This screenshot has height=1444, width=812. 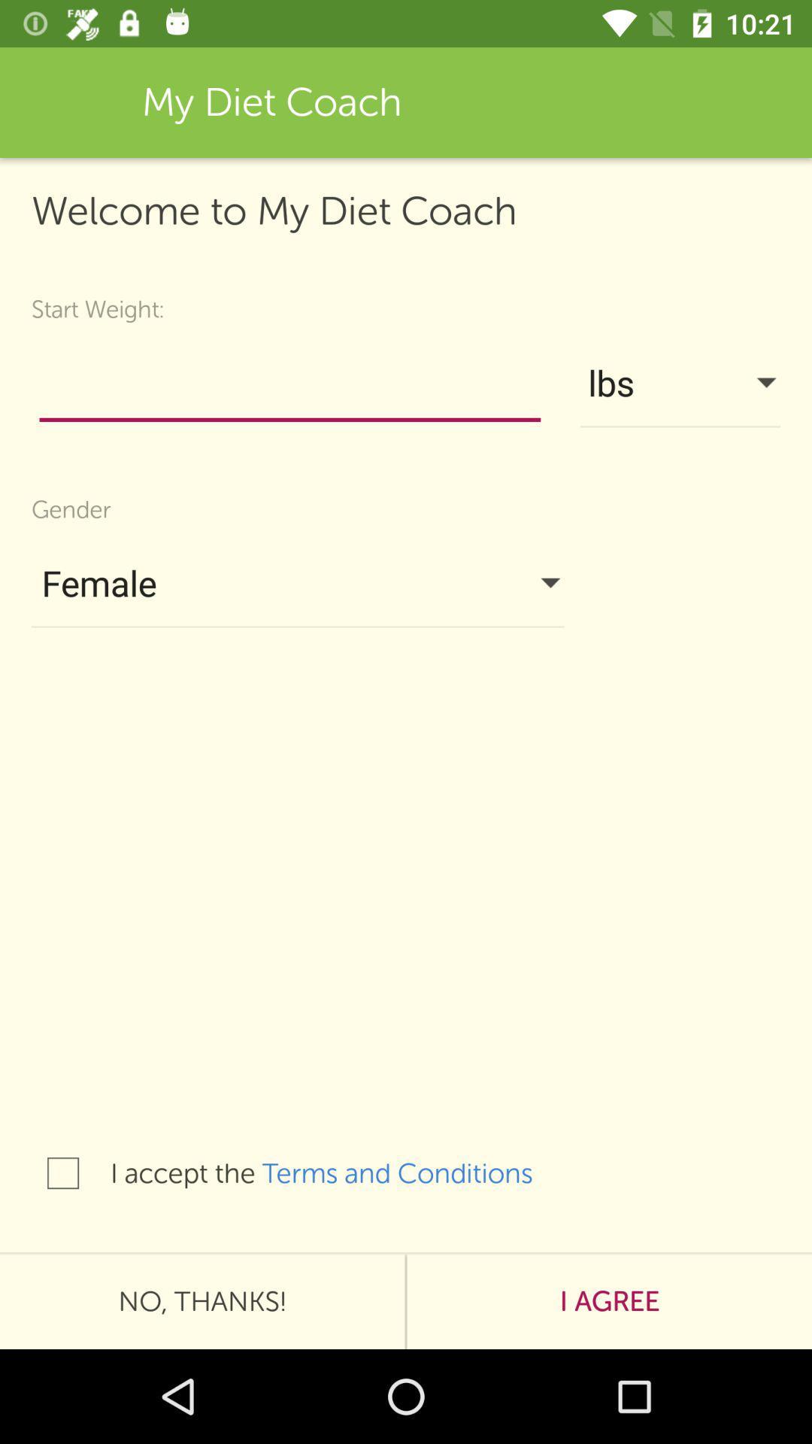 What do you see at coordinates (289, 387) in the screenshot?
I see `the item above the gender` at bounding box center [289, 387].